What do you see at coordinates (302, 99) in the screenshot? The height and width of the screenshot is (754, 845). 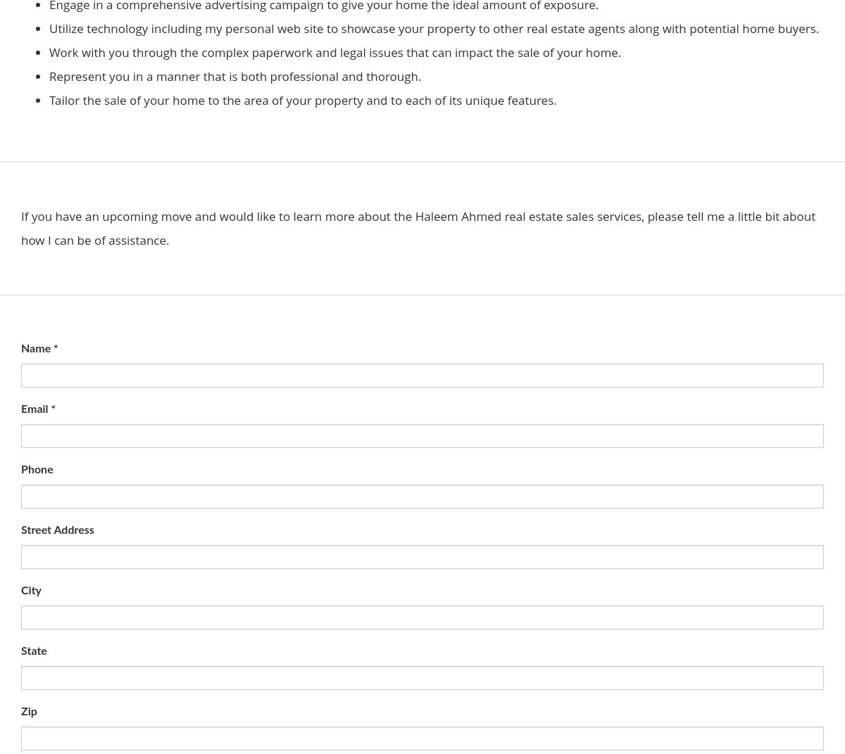 I see `'Tailor the sale of your home to the area of your property and to each of its unique features.'` at bounding box center [302, 99].